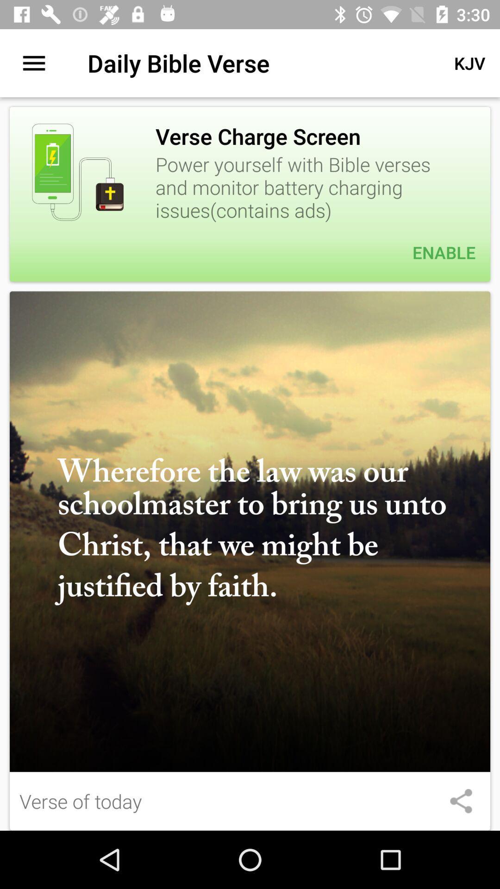 This screenshot has width=500, height=889. What do you see at coordinates (461, 801) in the screenshot?
I see `share this image` at bounding box center [461, 801].